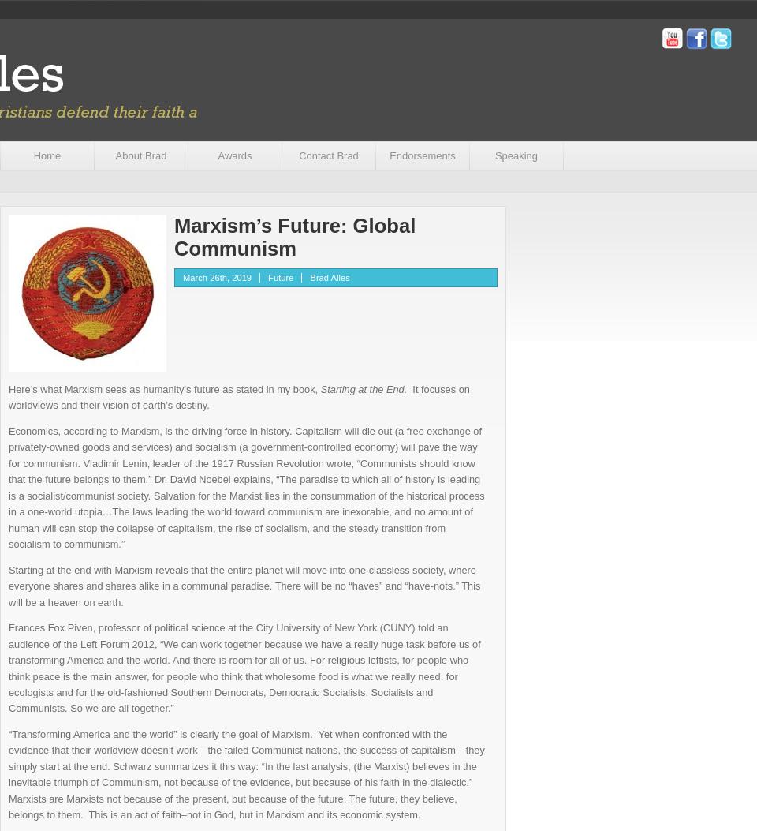  Describe the element at coordinates (327, 155) in the screenshot. I see `'Contact Brad'` at that location.